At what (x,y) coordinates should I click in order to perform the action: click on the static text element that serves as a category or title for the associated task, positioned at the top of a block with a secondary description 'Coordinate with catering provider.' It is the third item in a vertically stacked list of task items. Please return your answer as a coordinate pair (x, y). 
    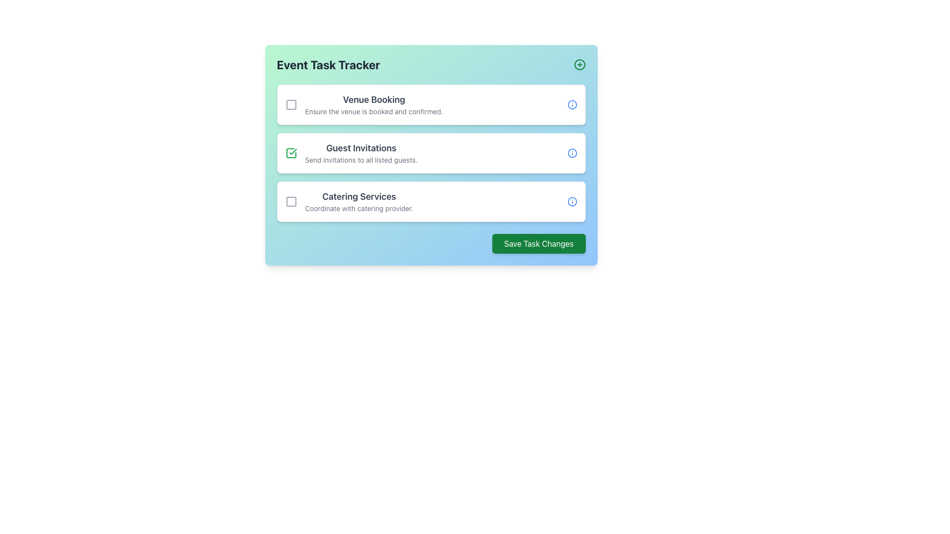
    Looking at the image, I should click on (358, 196).